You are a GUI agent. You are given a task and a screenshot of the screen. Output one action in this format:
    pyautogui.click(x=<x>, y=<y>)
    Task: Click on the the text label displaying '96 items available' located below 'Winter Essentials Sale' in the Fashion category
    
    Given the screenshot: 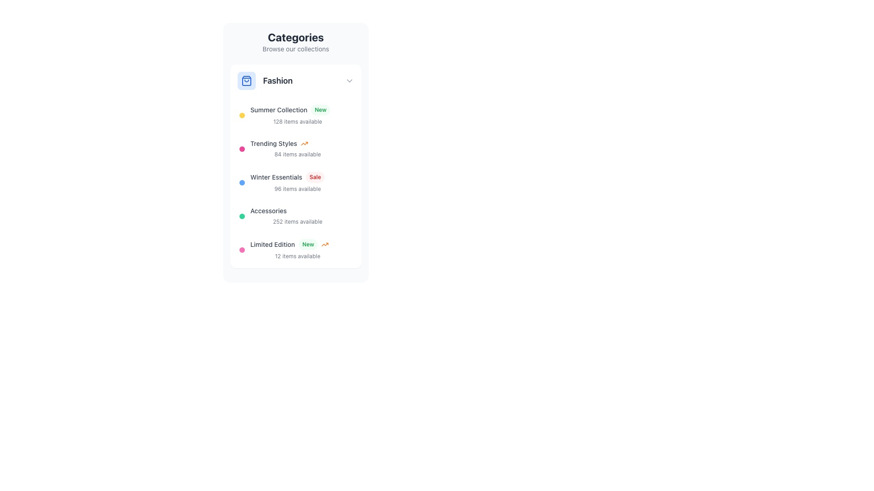 What is the action you would take?
    pyautogui.click(x=297, y=188)
    